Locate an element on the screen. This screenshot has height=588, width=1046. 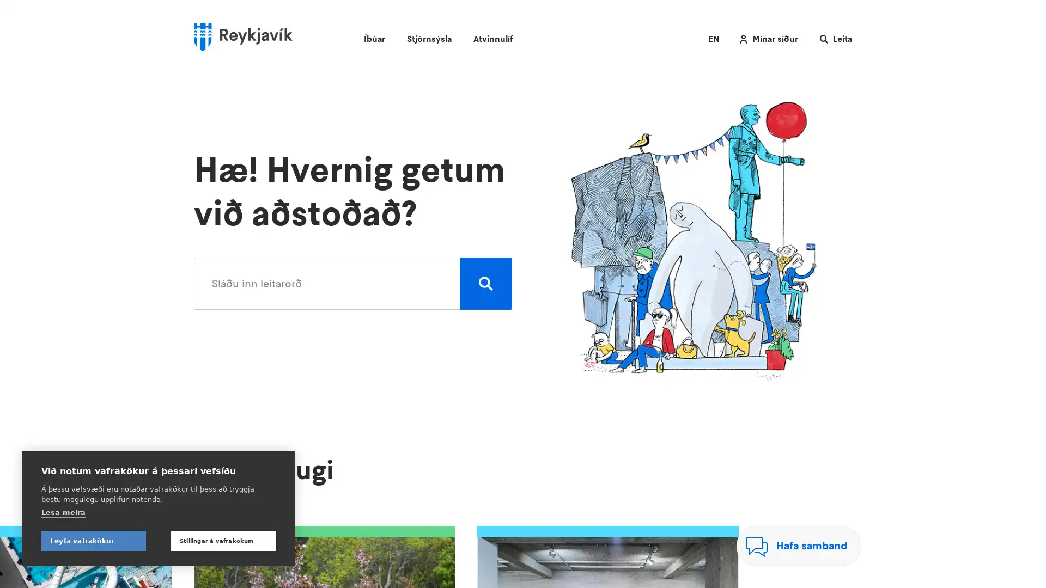
Stjornsysla is located at coordinates (428, 36).